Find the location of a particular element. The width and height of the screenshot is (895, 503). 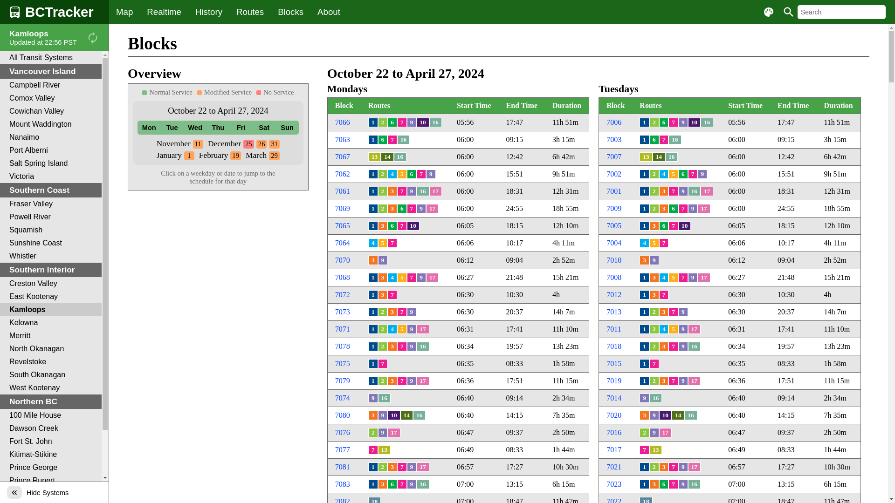

'14' is located at coordinates (406, 415).